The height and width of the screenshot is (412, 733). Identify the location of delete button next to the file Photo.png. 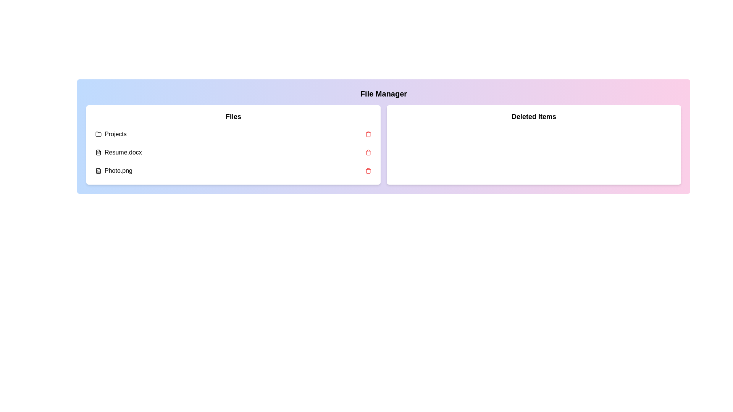
(368, 170).